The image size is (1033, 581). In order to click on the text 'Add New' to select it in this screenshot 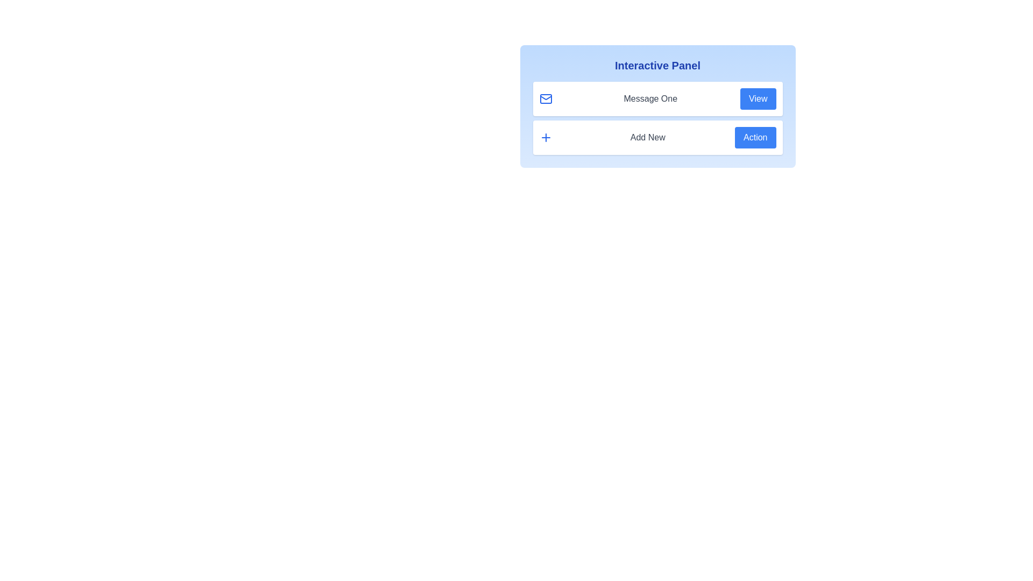, I will do `click(647, 137)`.